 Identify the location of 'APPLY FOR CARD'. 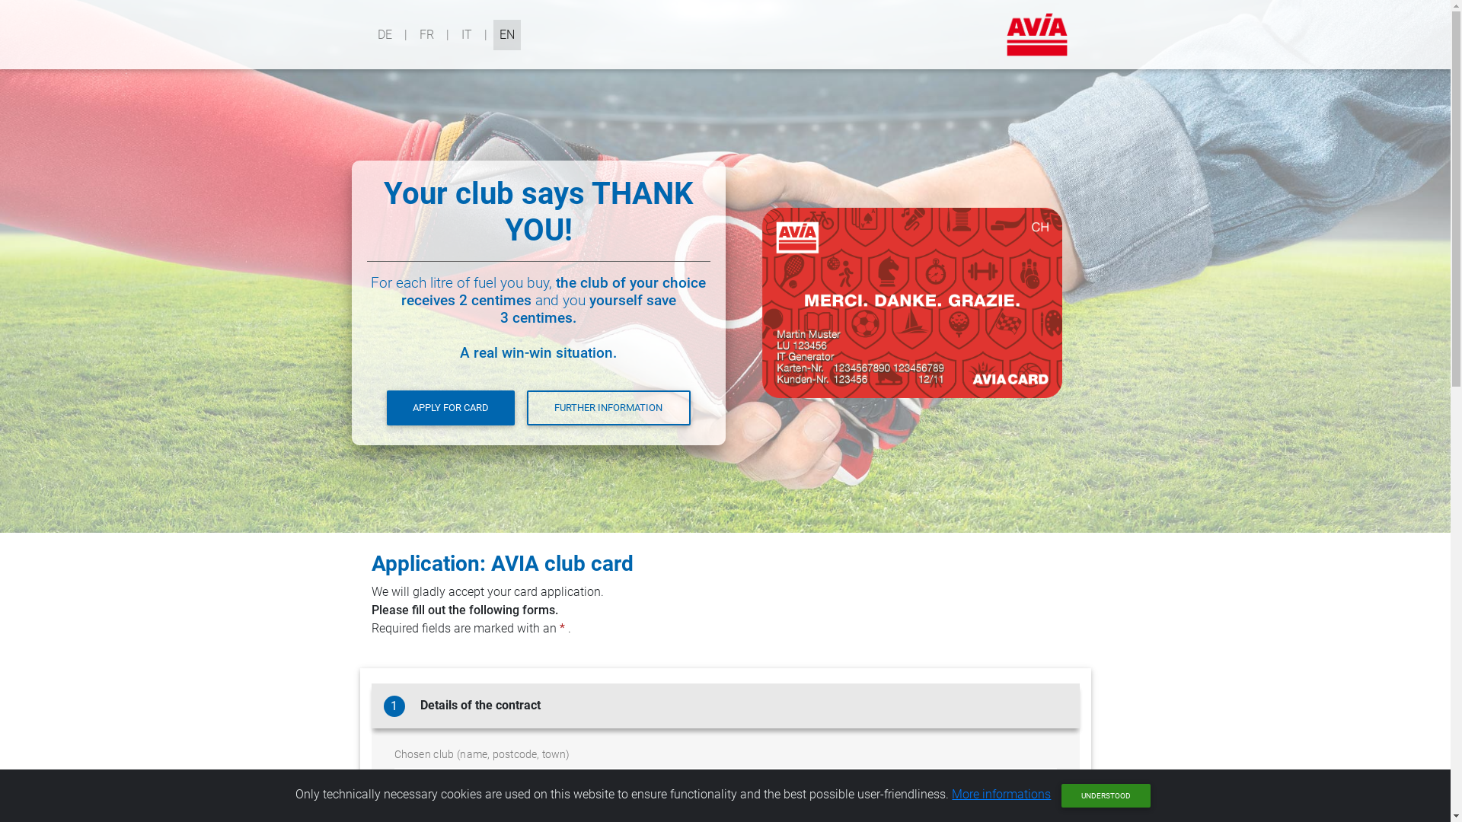
(449, 407).